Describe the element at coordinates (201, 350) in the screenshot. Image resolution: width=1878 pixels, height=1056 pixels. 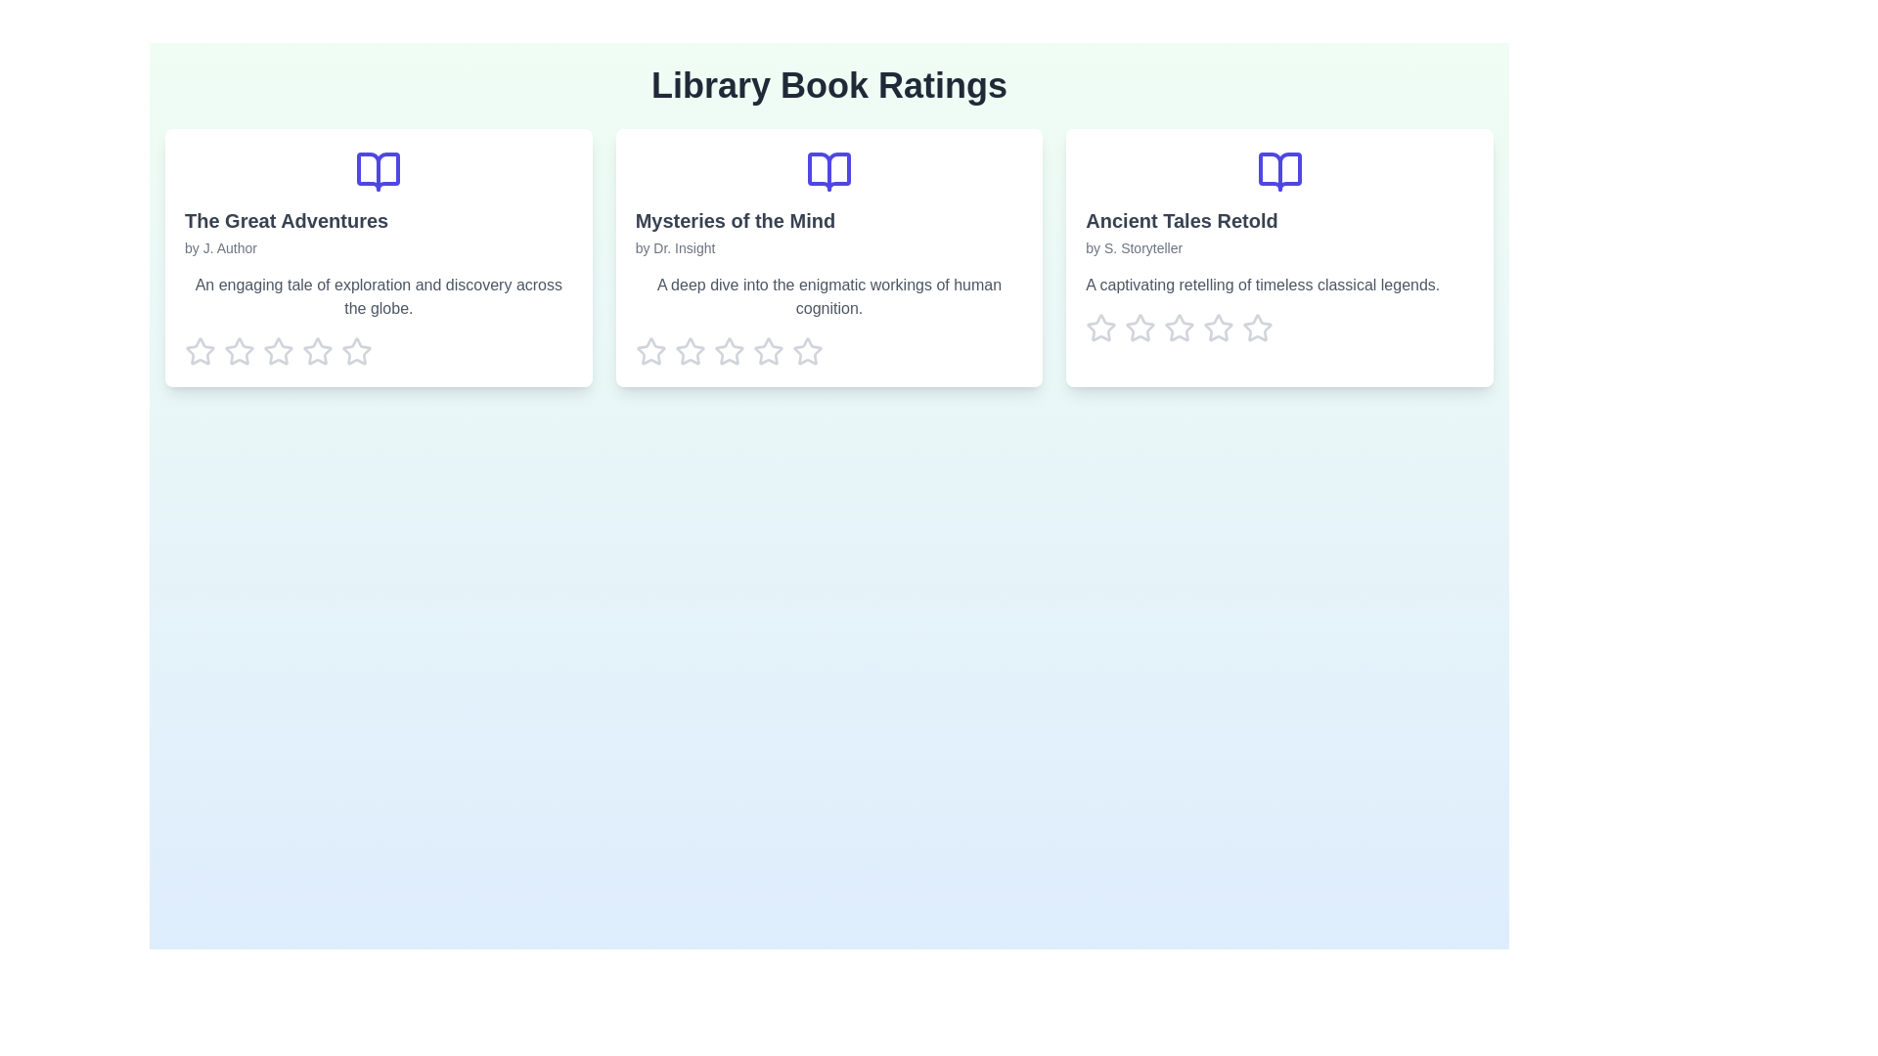
I see `the rating for a book to 1 stars by clicking on the corresponding star` at that location.